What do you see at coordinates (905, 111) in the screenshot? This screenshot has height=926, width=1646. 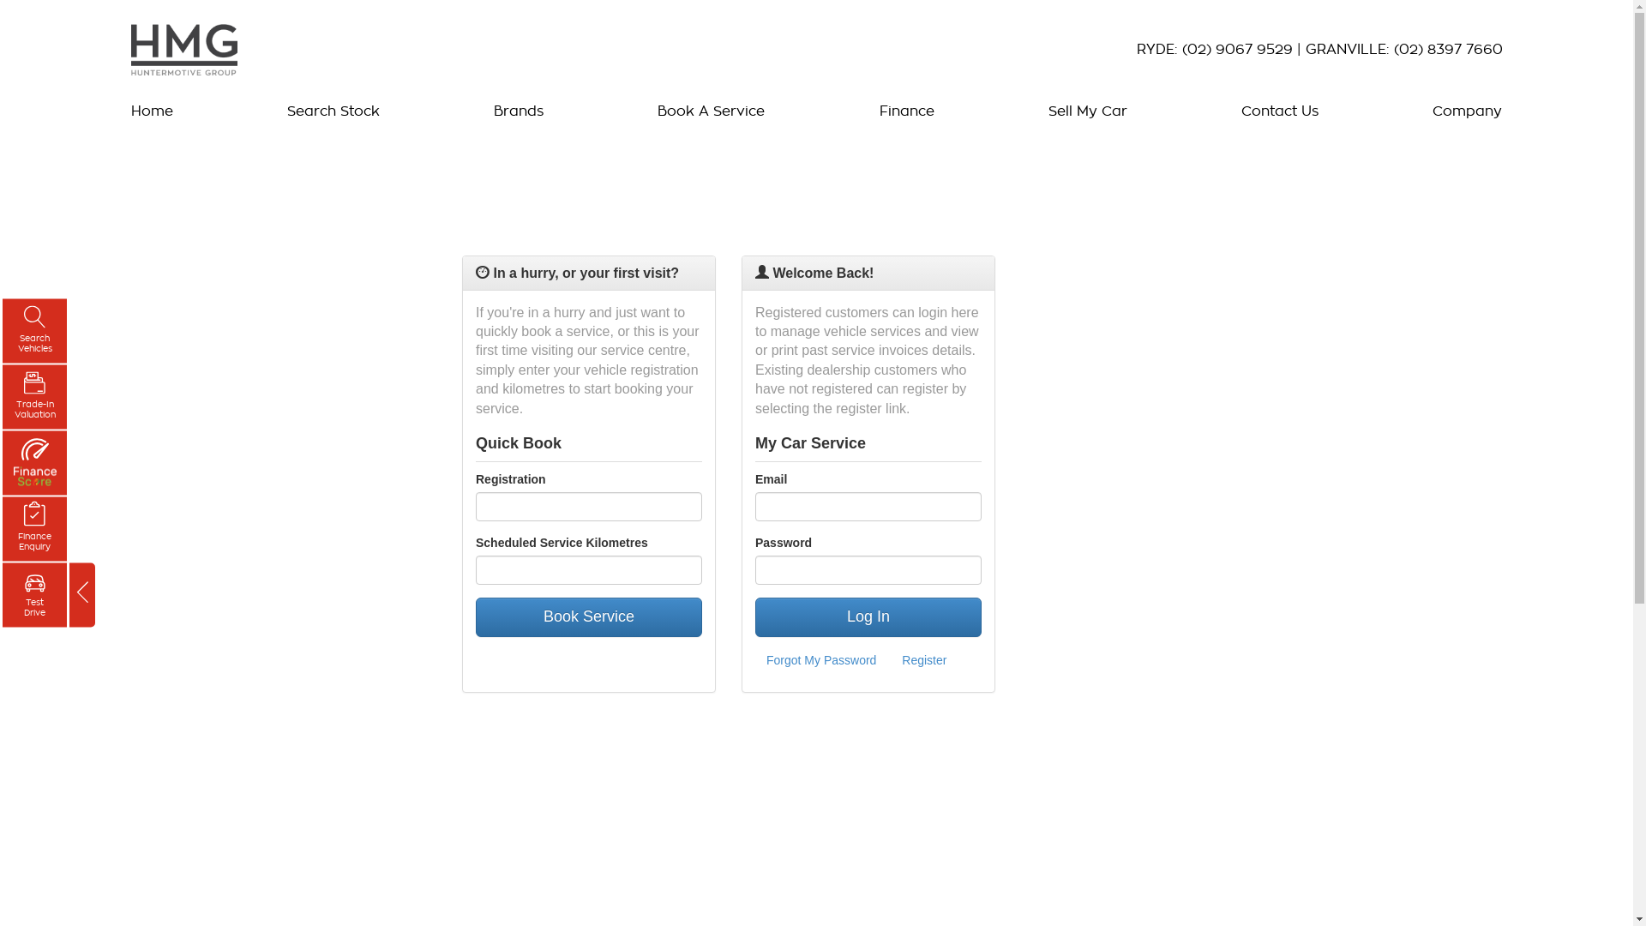 I see `'Finance'` at bounding box center [905, 111].